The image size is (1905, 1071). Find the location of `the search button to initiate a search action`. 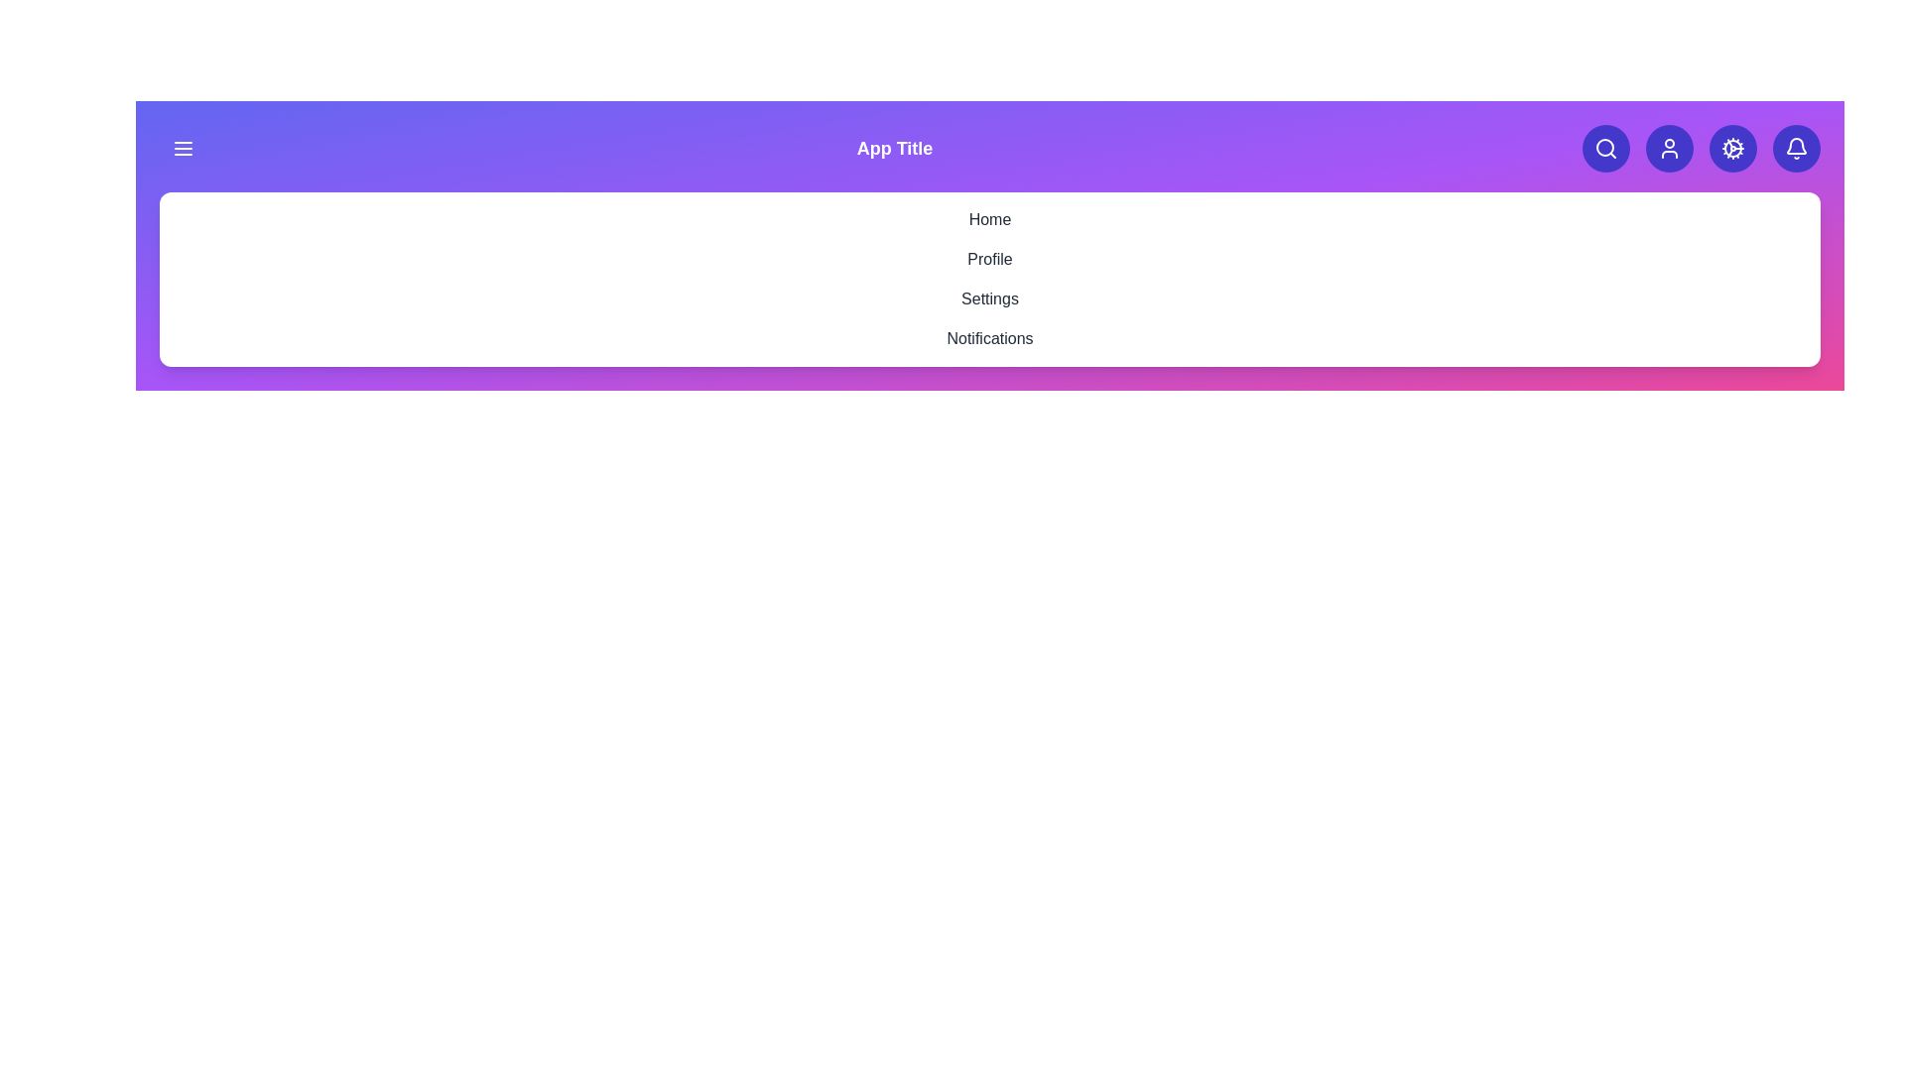

the search button to initiate a search action is located at coordinates (1604, 148).